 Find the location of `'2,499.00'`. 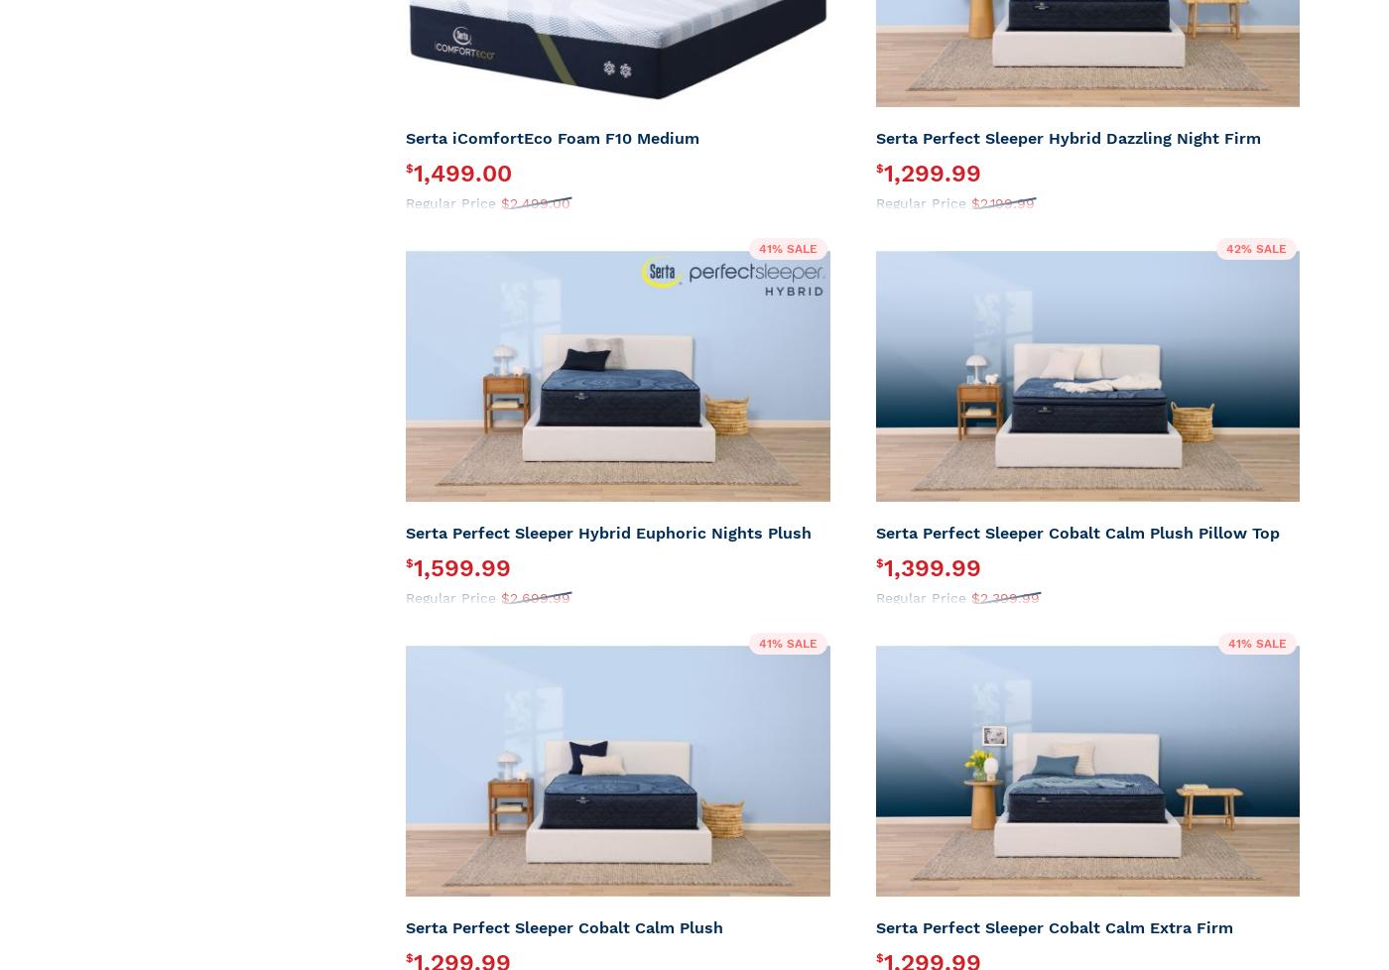

'2,499.00' is located at coordinates (540, 202).